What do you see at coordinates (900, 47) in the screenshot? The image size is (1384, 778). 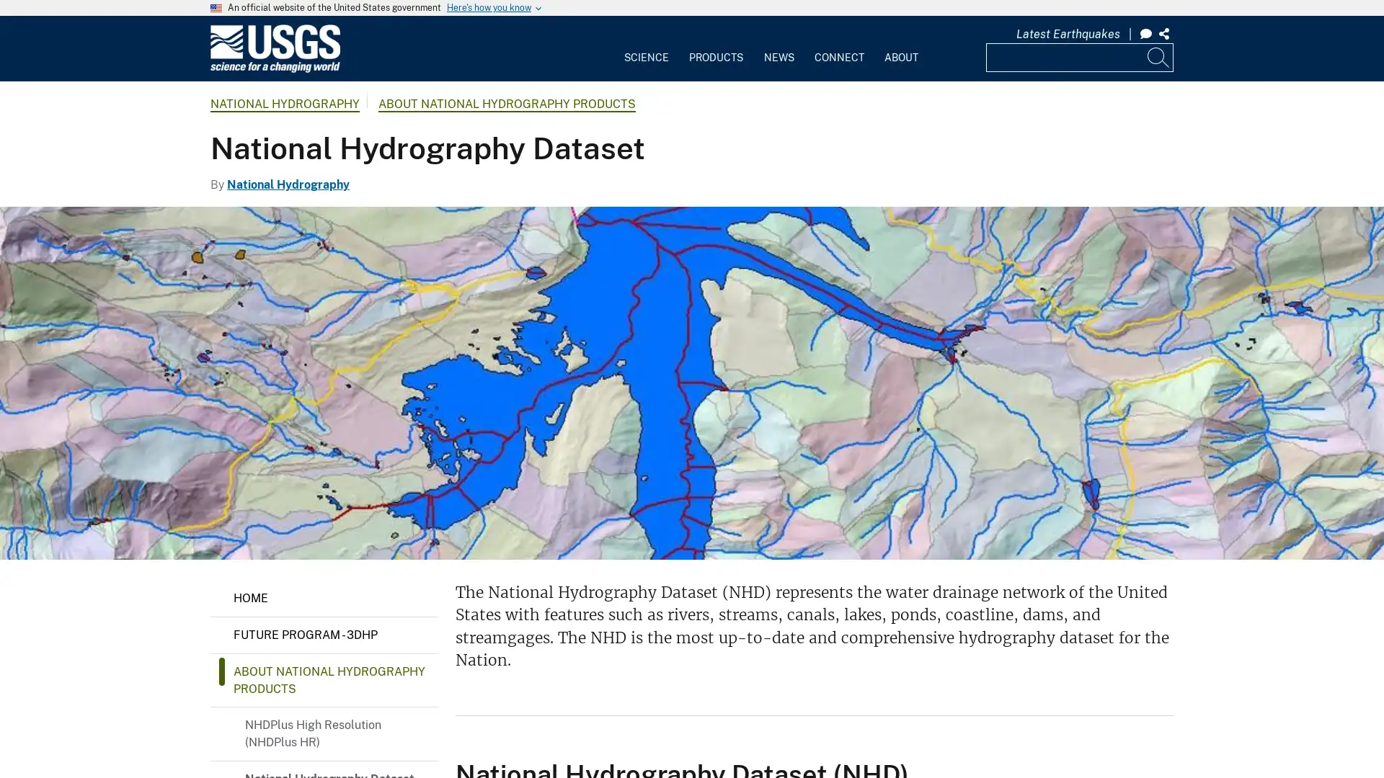 I see `ABOUT` at bounding box center [900, 47].